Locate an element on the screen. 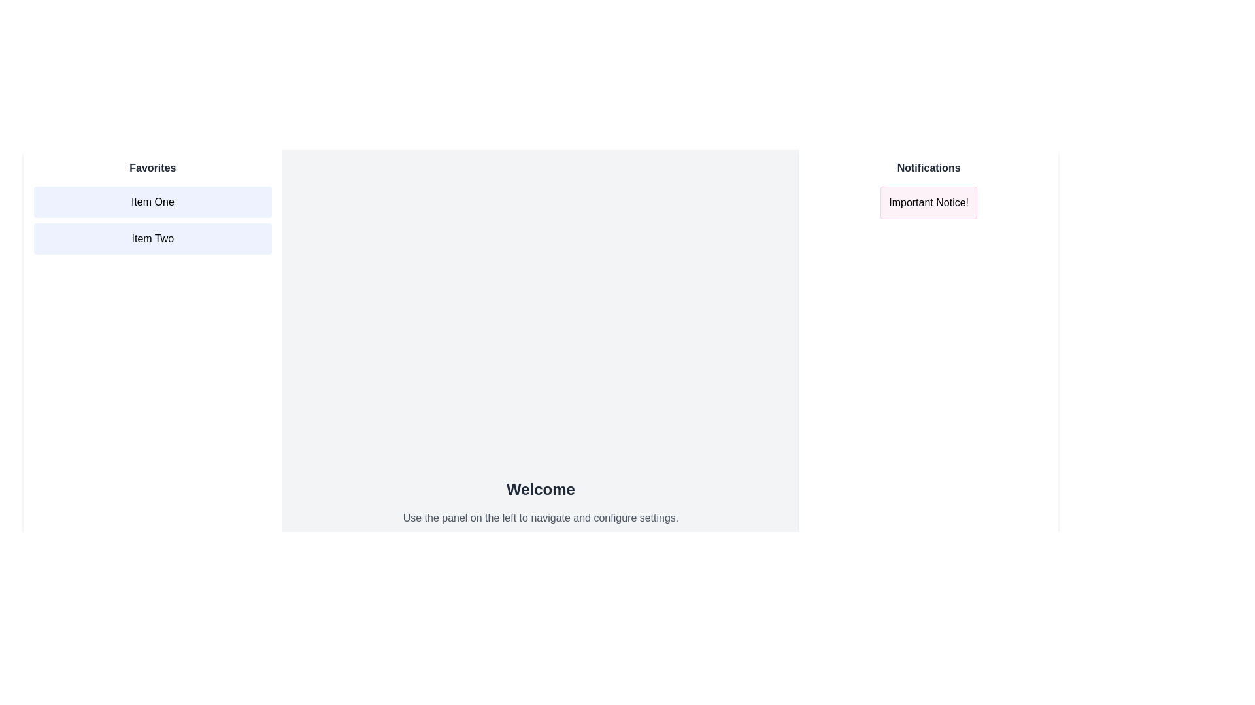  the list item labeled 'Item Two' which is located under the 'Favorites' section and has a light indigo background with rounded corners is located at coordinates (152, 239).